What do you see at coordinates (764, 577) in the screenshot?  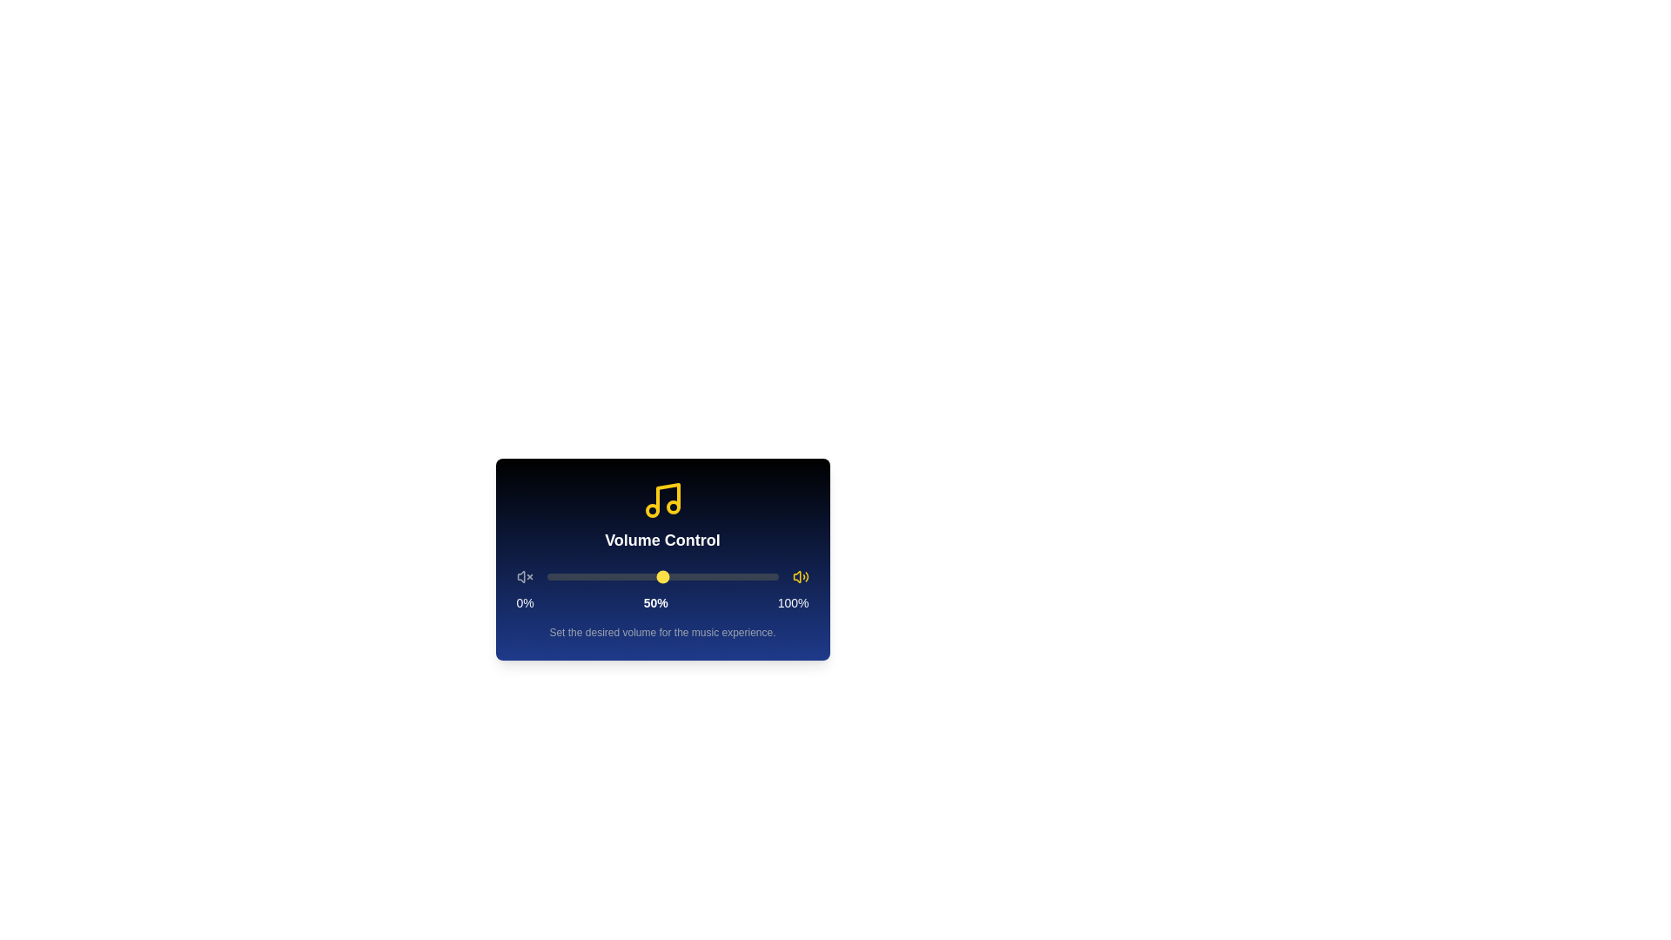 I see `the volume slider to 94%` at bounding box center [764, 577].